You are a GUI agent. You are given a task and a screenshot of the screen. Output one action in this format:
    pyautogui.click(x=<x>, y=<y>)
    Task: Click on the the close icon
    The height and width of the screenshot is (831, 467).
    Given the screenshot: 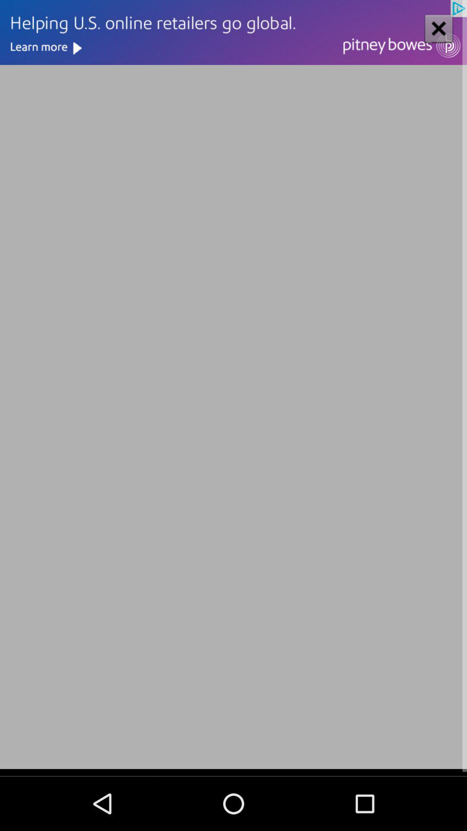 What is the action you would take?
    pyautogui.click(x=438, y=30)
    